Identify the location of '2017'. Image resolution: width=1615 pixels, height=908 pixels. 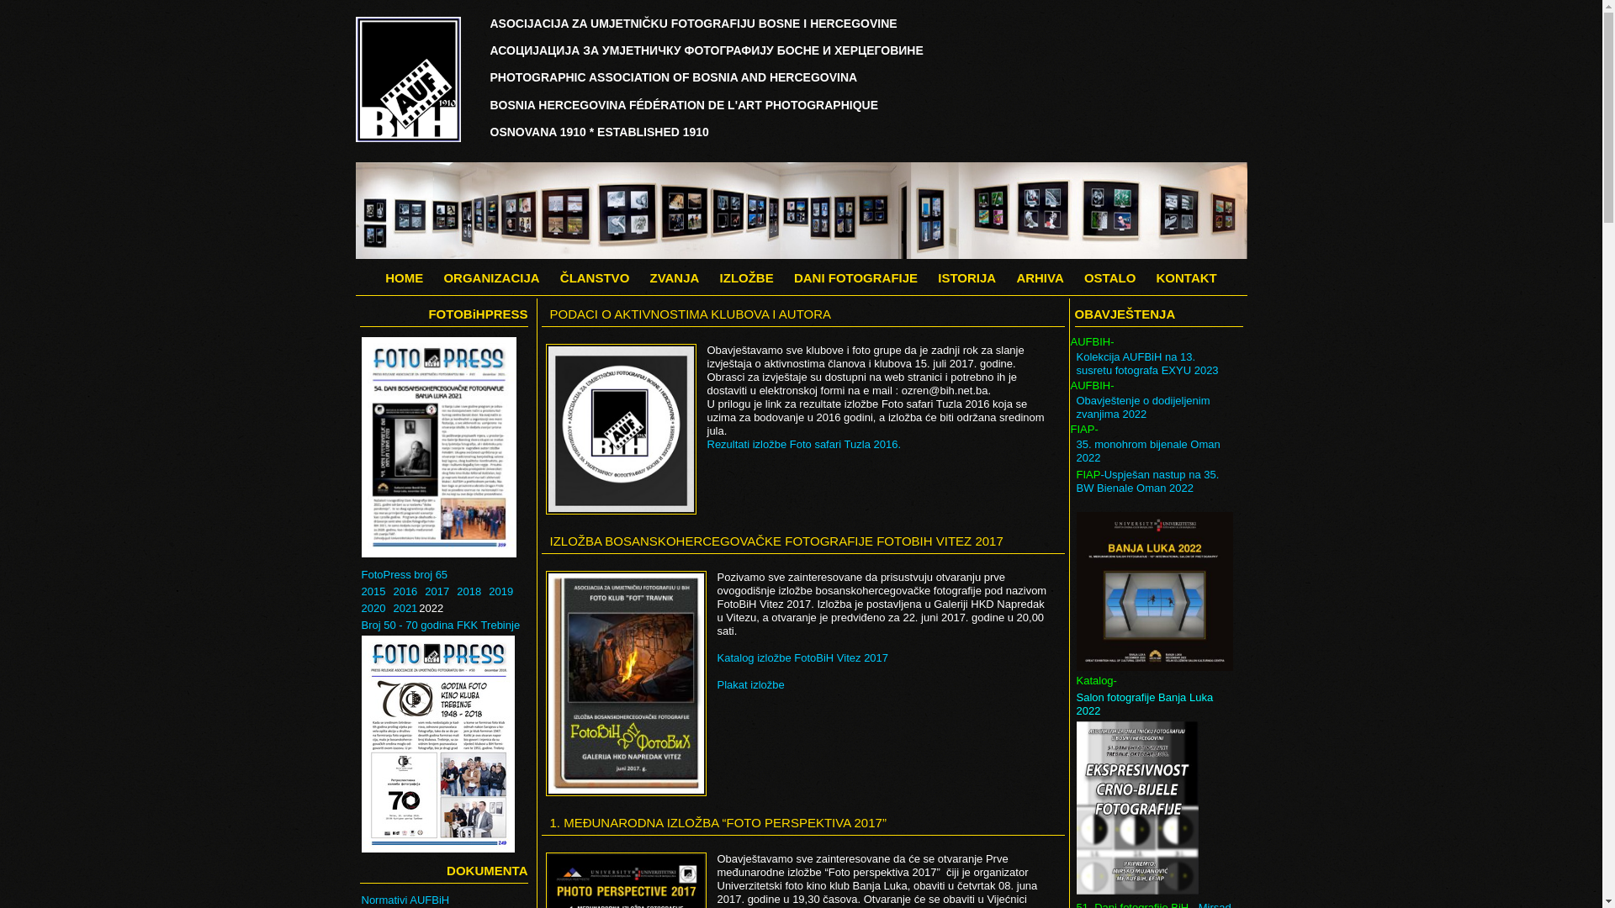
(437, 591).